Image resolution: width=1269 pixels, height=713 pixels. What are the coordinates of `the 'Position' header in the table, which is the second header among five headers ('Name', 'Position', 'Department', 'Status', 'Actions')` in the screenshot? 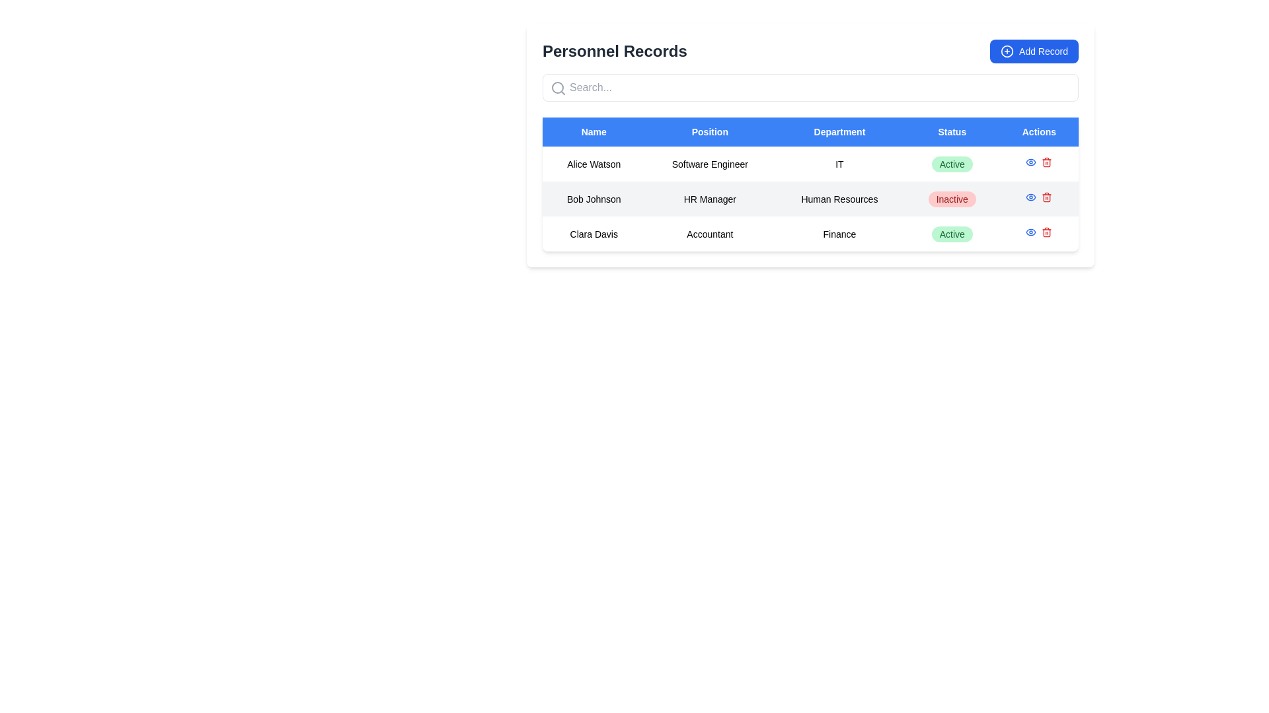 It's located at (709, 132).